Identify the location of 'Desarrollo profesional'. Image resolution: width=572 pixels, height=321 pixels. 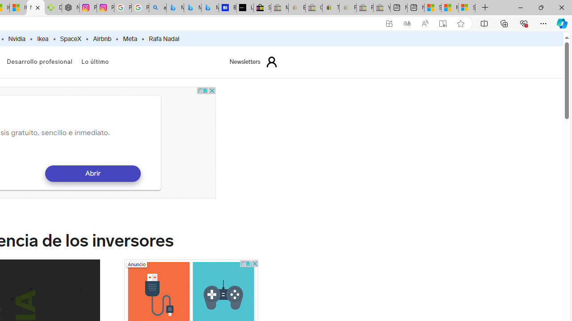
(39, 62).